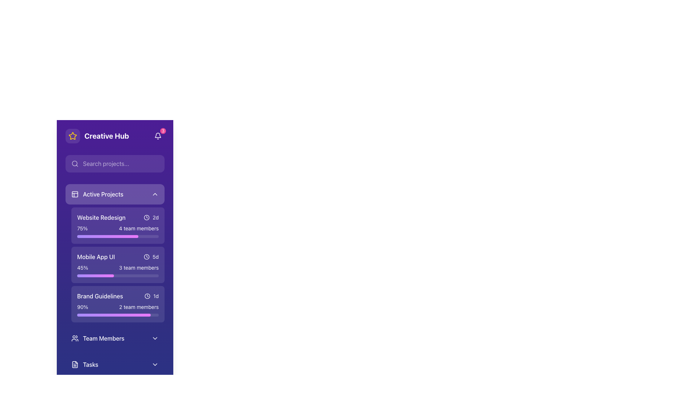 Image resolution: width=699 pixels, height=393 pixels. What do you see at coordinates (90, 365) in the screenshot?
I see `the 'Tasks' text label located at the bottom of the vertical navigation menu` at bounding box center [90, 365].